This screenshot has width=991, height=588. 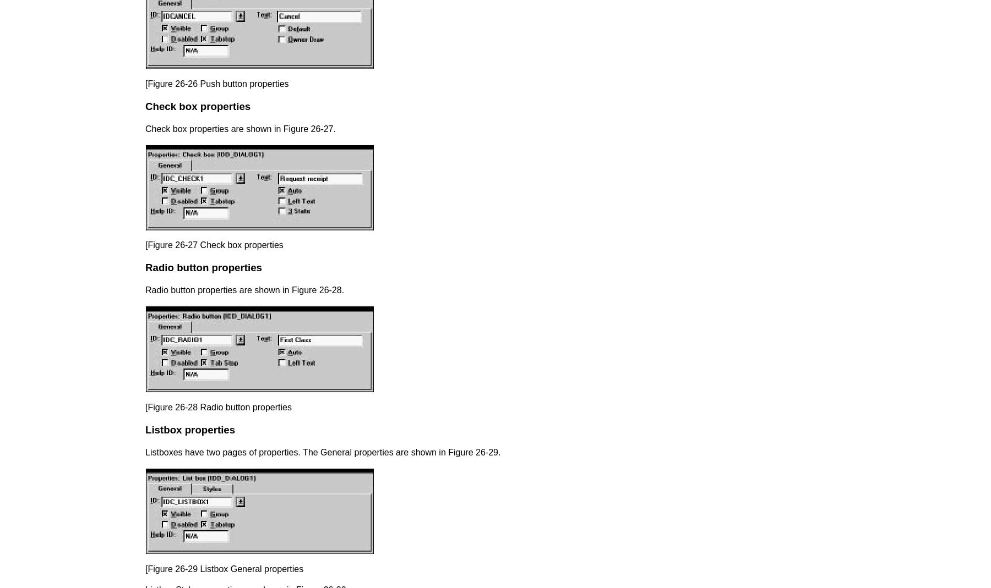 What do you see at coordinates (224, 568) in the screenshot?
I see `'[Figure 26-29 Listbox General properties'` at bounding box center [224, 568].